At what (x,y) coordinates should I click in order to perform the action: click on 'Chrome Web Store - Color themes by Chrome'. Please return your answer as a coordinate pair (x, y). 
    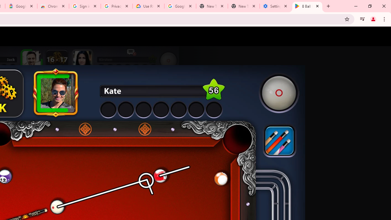
    Looking at the image, I should click on (53, 6).